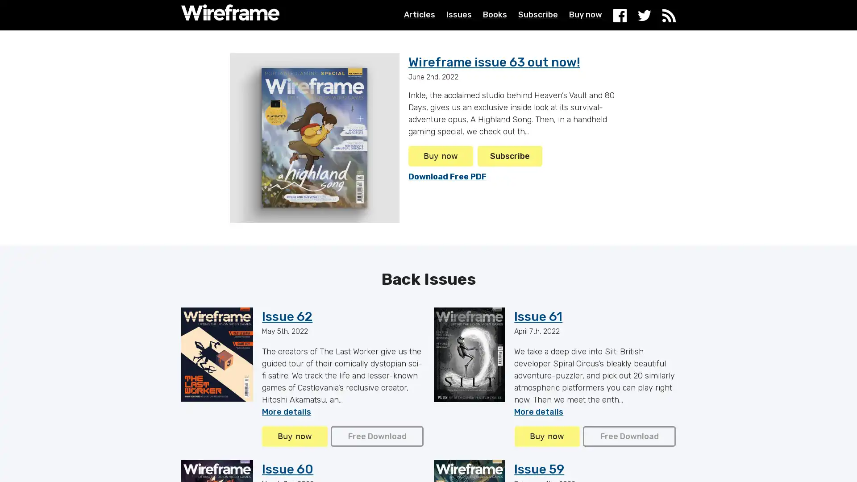 This screenshot has width=857, height=482. I want to click on Buy now, so click(546, 436).